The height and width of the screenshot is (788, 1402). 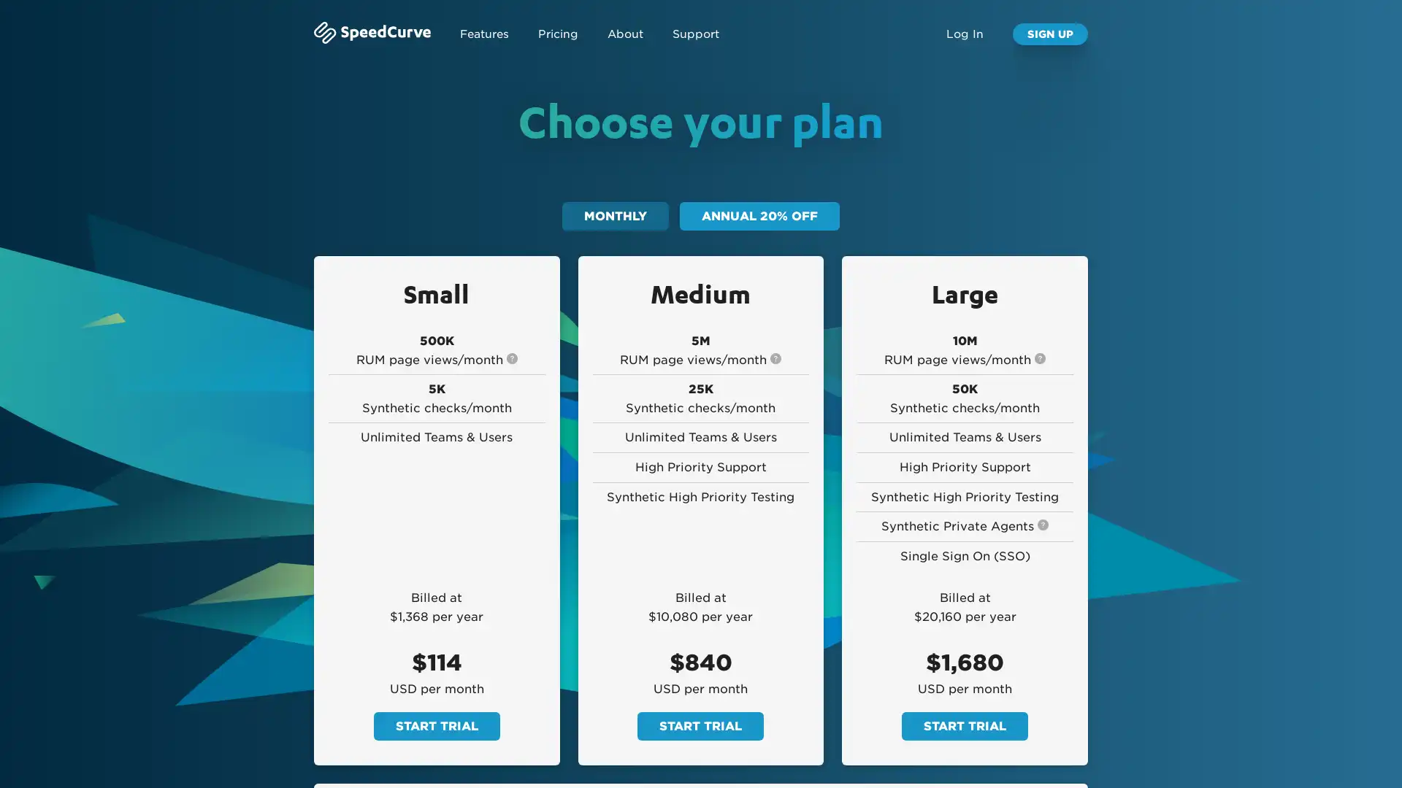 I want to click on ANNUAL 20% OFF, so click(x=759, y=216).